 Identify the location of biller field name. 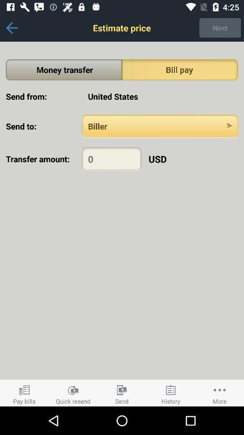
(160, 126).